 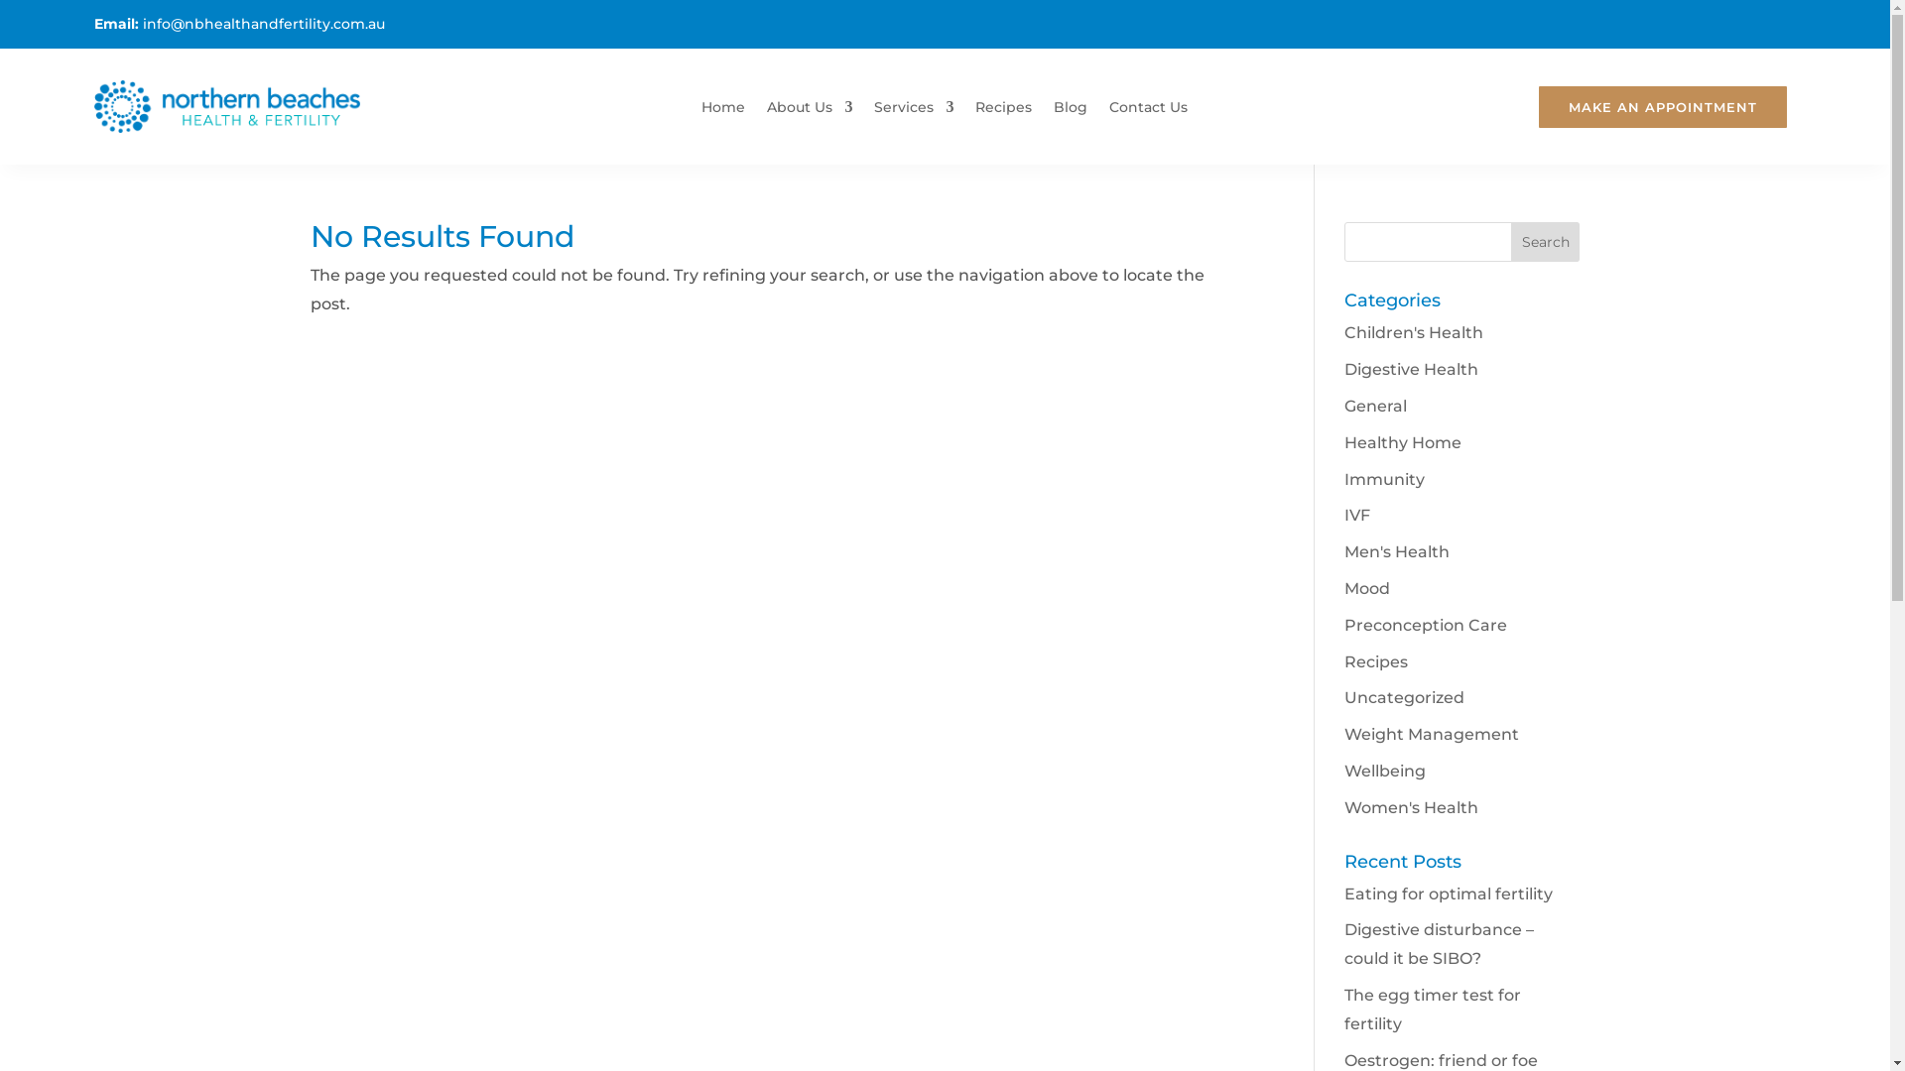 What do you see at coordinates (1433, 1010) in the screenshot?
I see `'The egg timer test for fertility'` at bounding box center [1433, 1010].